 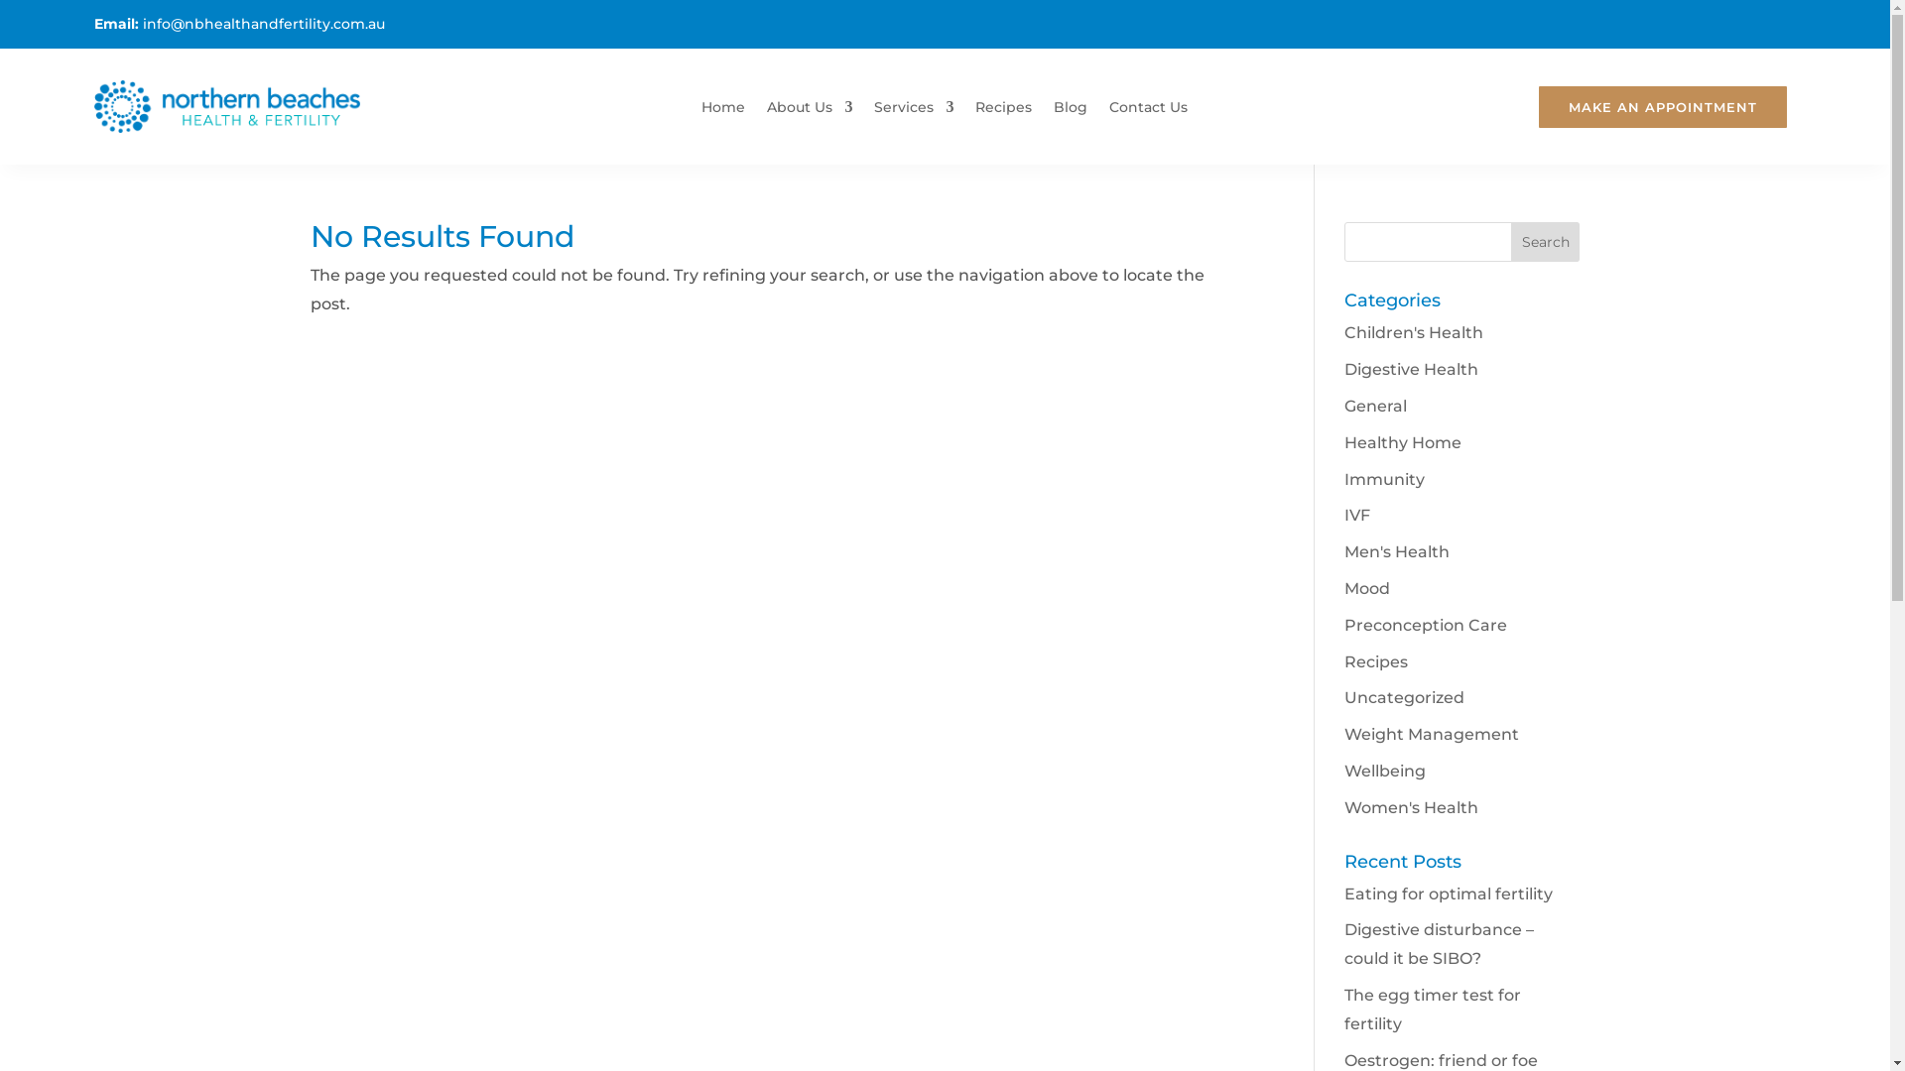 What do you see at coordinates (1433, 1010) in the screenshot?
I see `'The egg timer test for fertility'` at bounding box center [1433, 1010].